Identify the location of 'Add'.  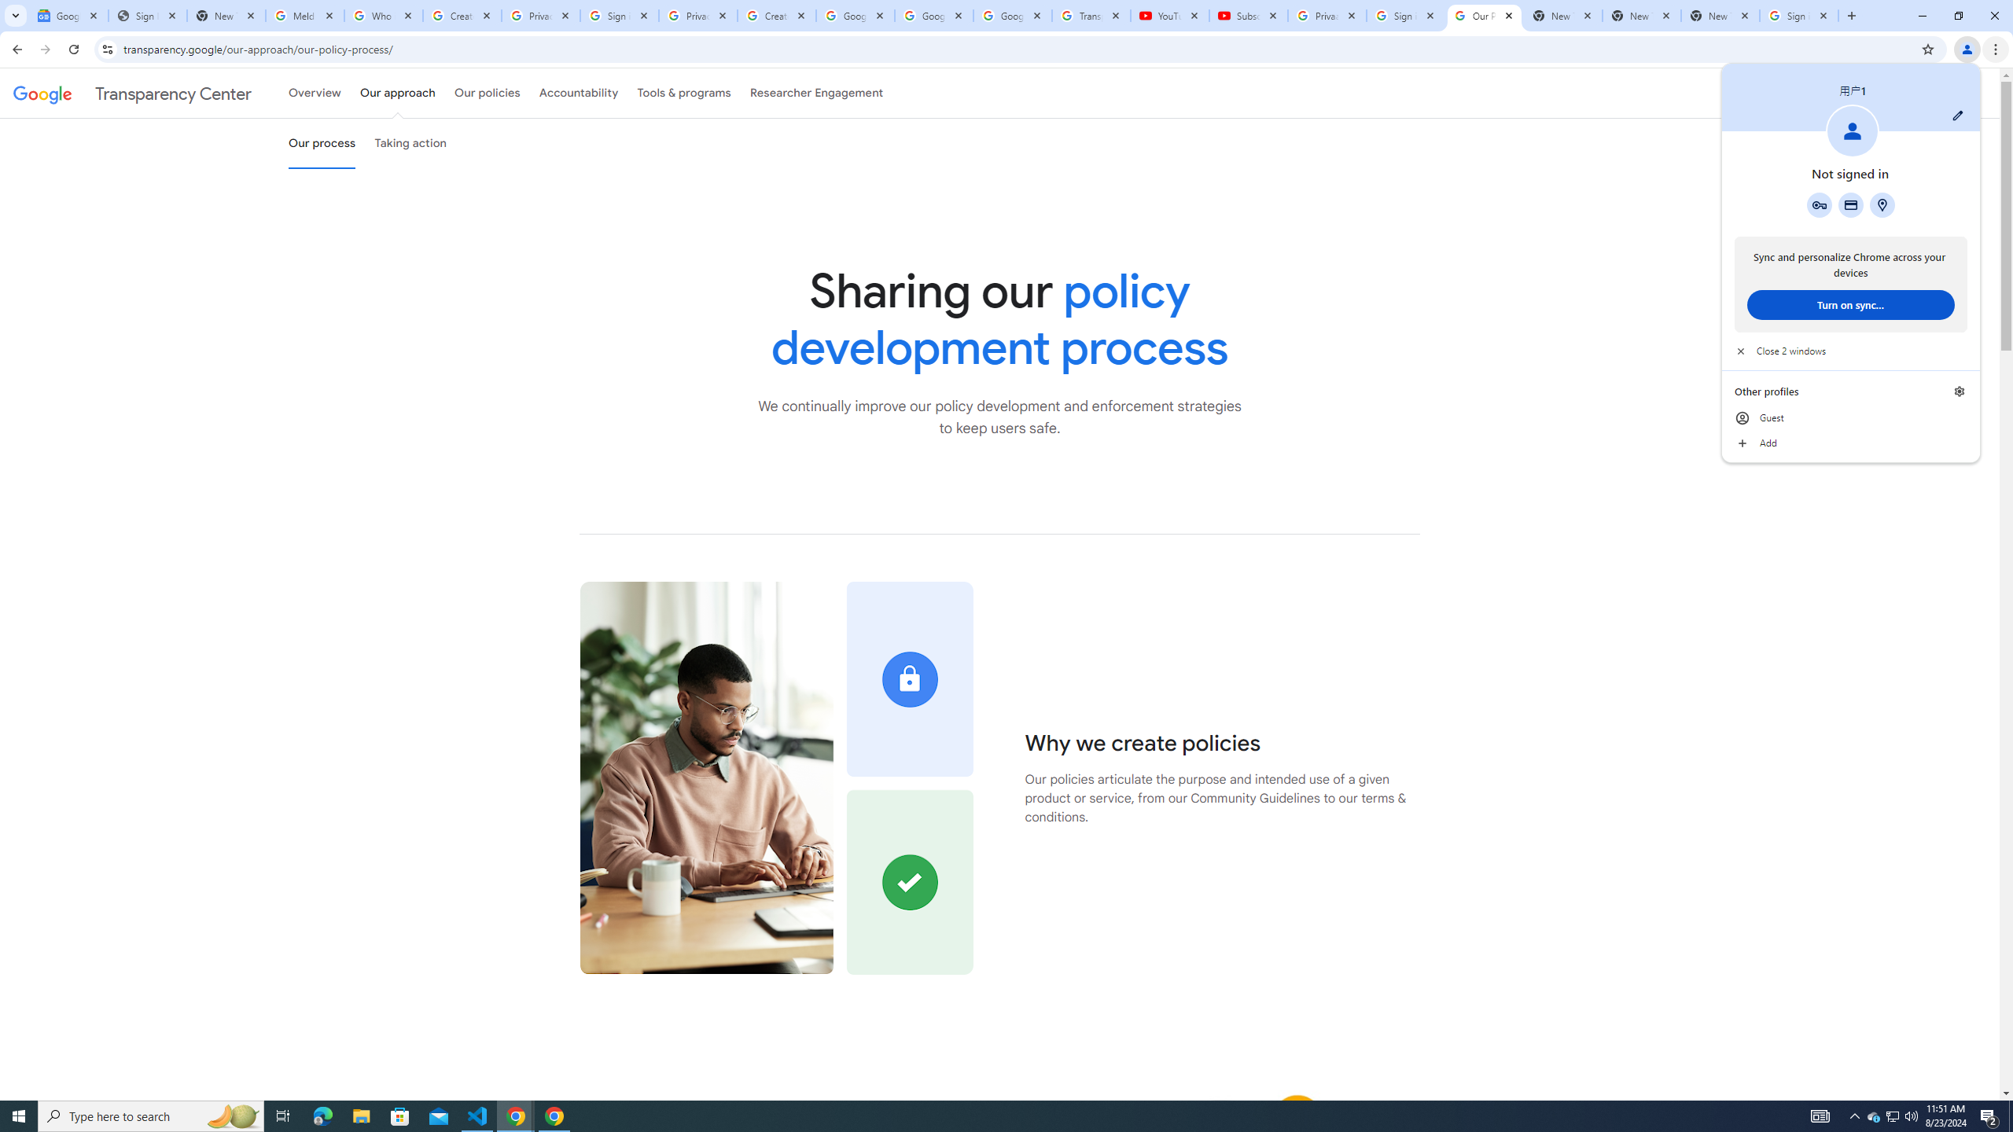
(1849, 443).